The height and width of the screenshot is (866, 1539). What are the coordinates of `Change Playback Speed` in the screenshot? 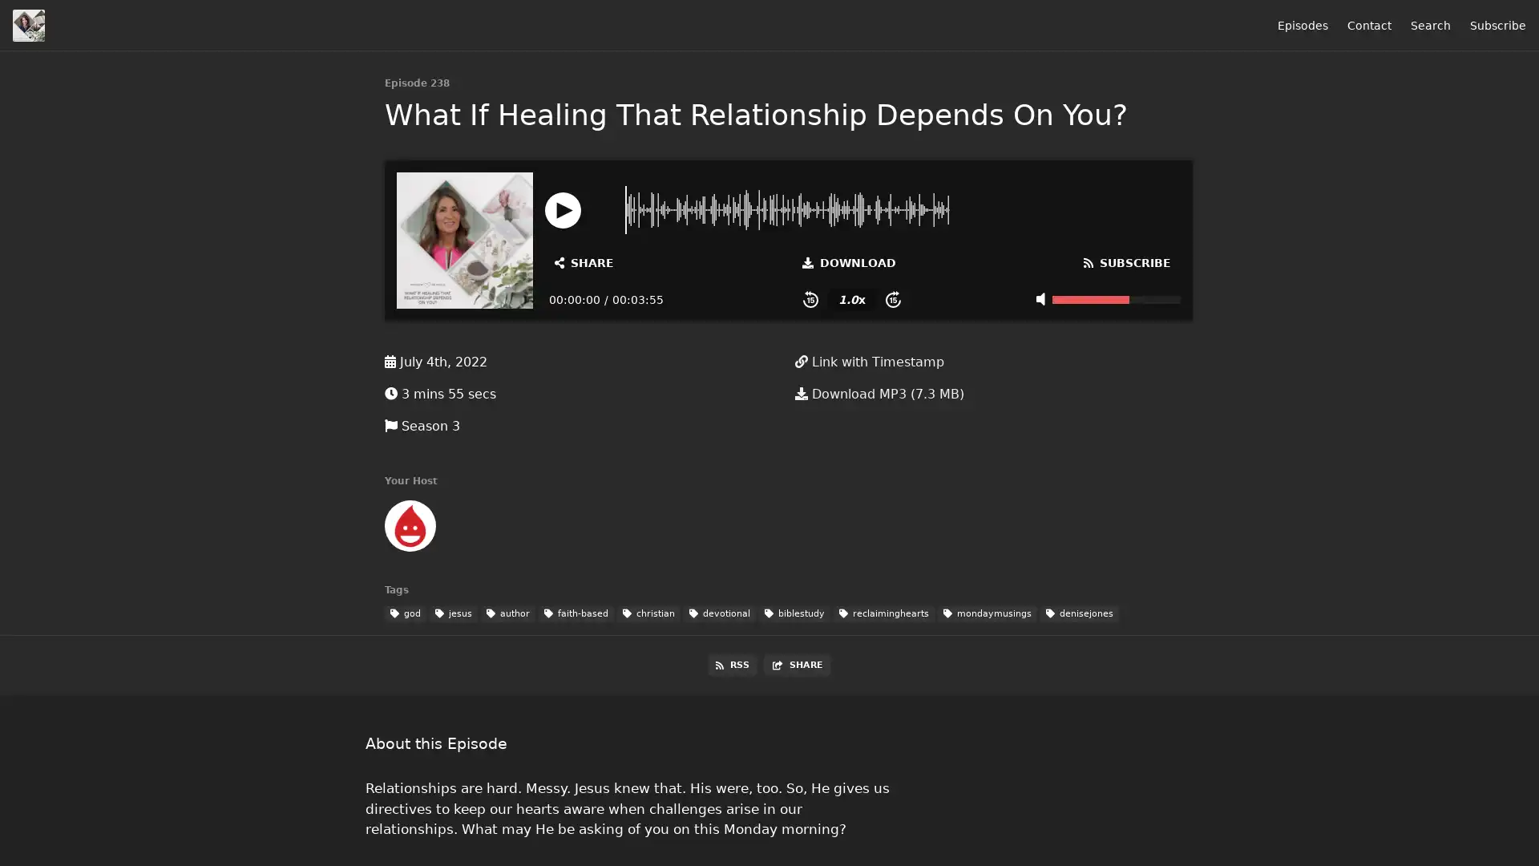 It's located at (850, 299).